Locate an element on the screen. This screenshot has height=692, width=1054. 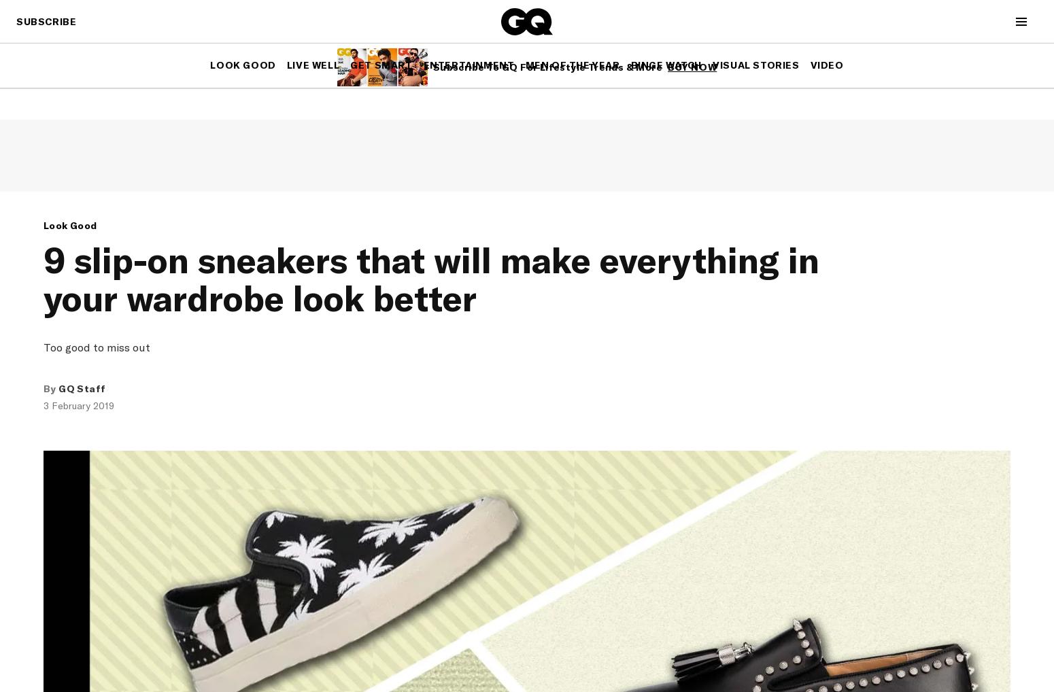
'Too good to miss out' is located at coordinates (97, 347).